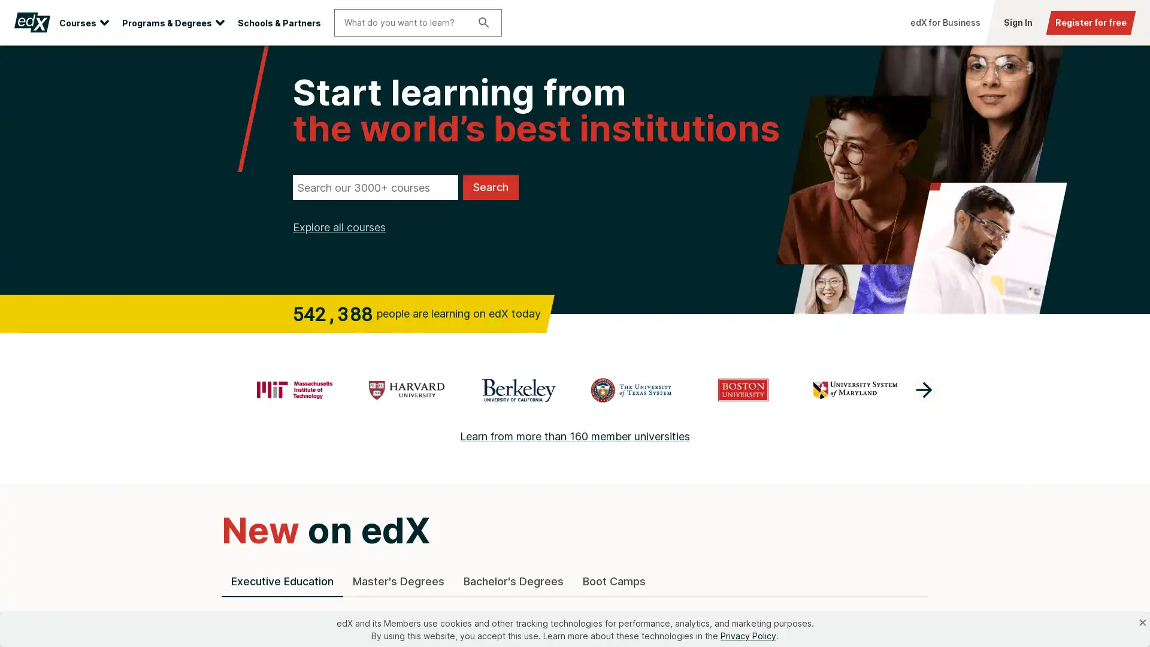  What do you see at coordinates (916, 620) in the screenshot?
I see `scroll toward end` at bounding box center [916, 620].